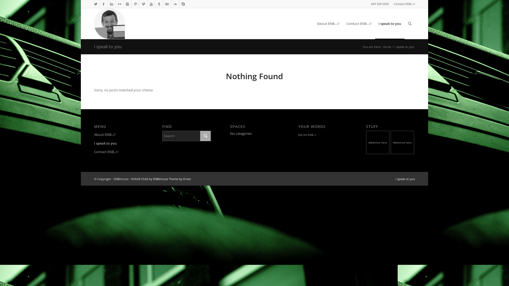 This screenshot has width=509, height=286. Describe the element at coordinates (103, 4) in the screenshot. I see `'Facebook'` at that location.